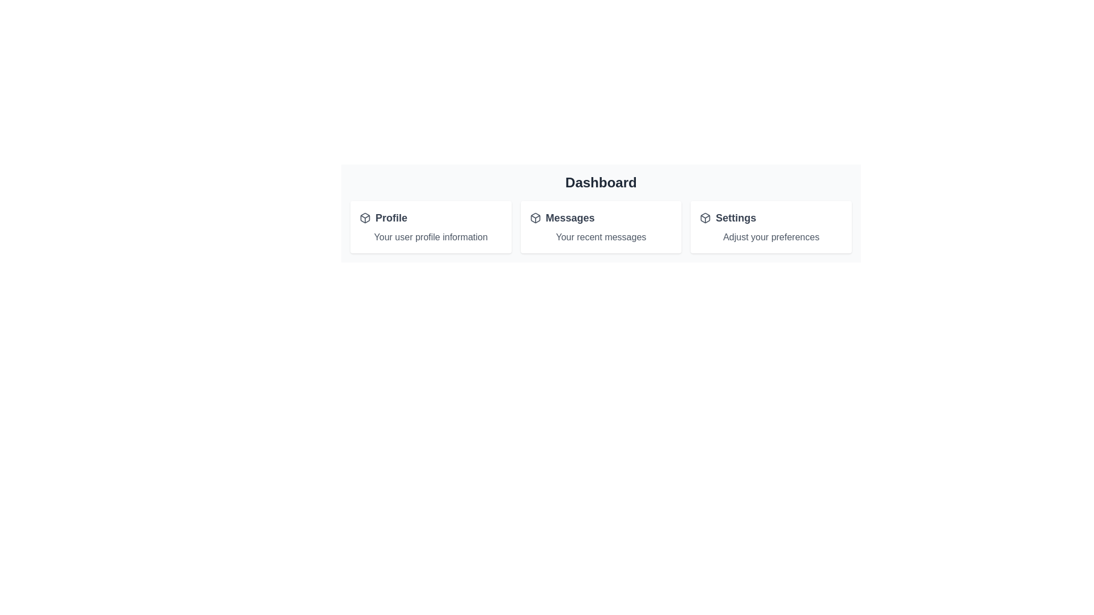 The image size is (1094, 615). Describe the element at coordinates (430, 236) in the screenshot. I see `the explanatory text label located below the 'Profile' title and icon within the first card on the left` at that location.